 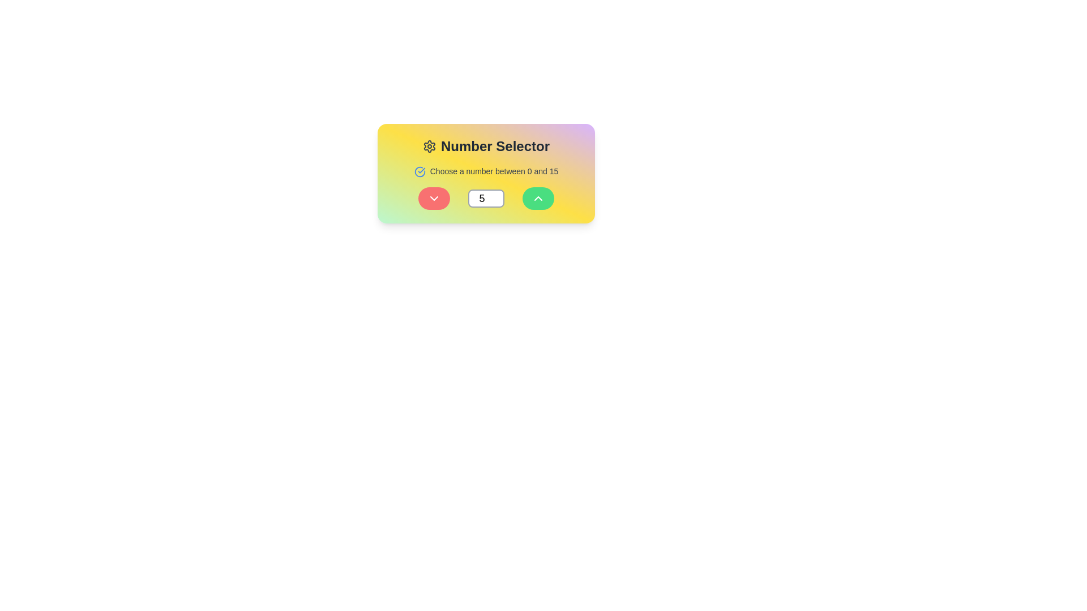 What do you see at coordinates (429, 145) in the screenshot?
I see `the gear/settings icon located in the top-left corner of the 'Number Selector' interface, which features a circular center and gear-like teeth` at bounding box center [429, 145].